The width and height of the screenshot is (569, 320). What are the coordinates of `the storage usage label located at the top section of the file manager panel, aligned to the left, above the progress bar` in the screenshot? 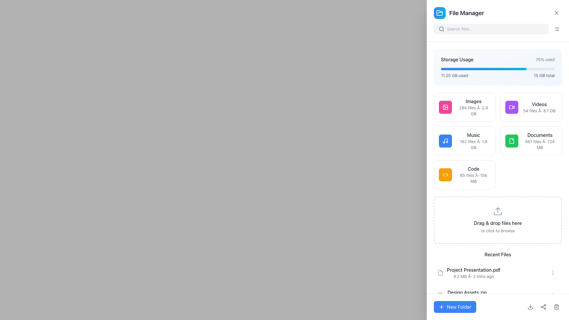 It's located at (457, 59).